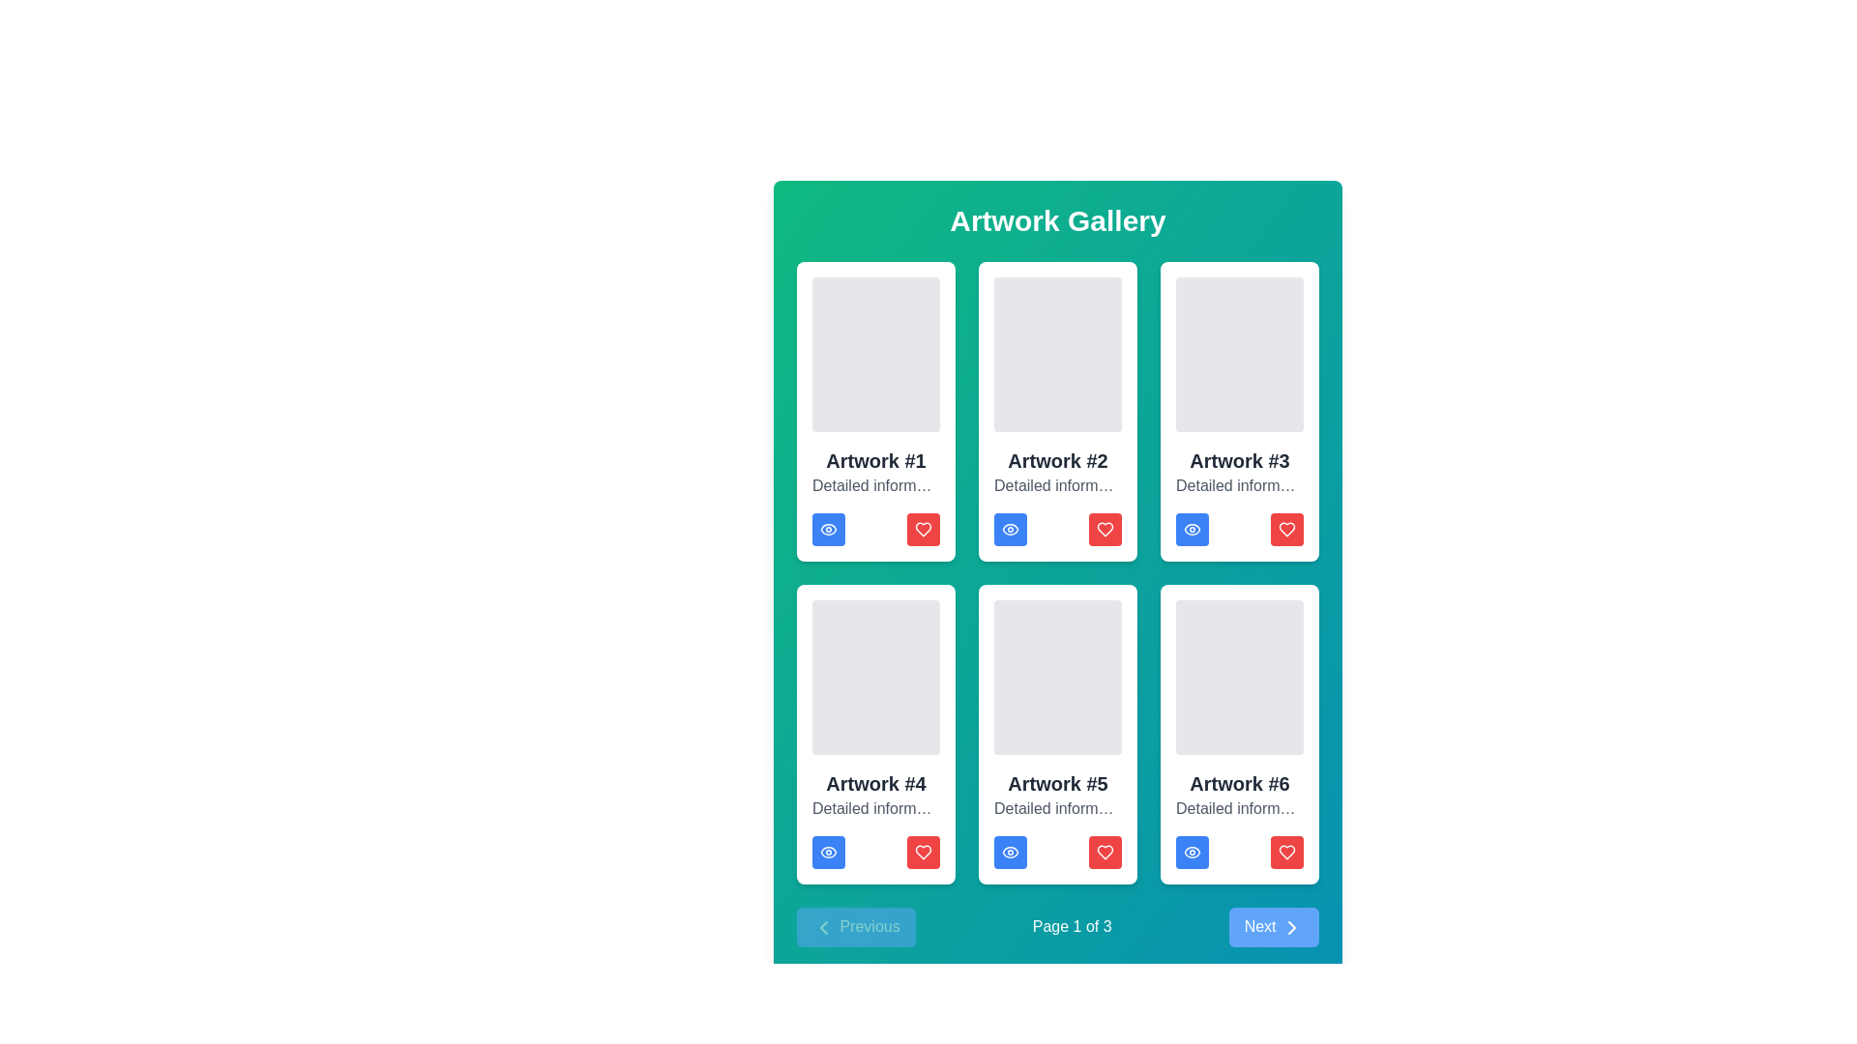 This screenshot has height=1044, width=1857. I want to click on the button located in the bottom-left corner of the card representing 'Artwork #5', so click(1010, 852).